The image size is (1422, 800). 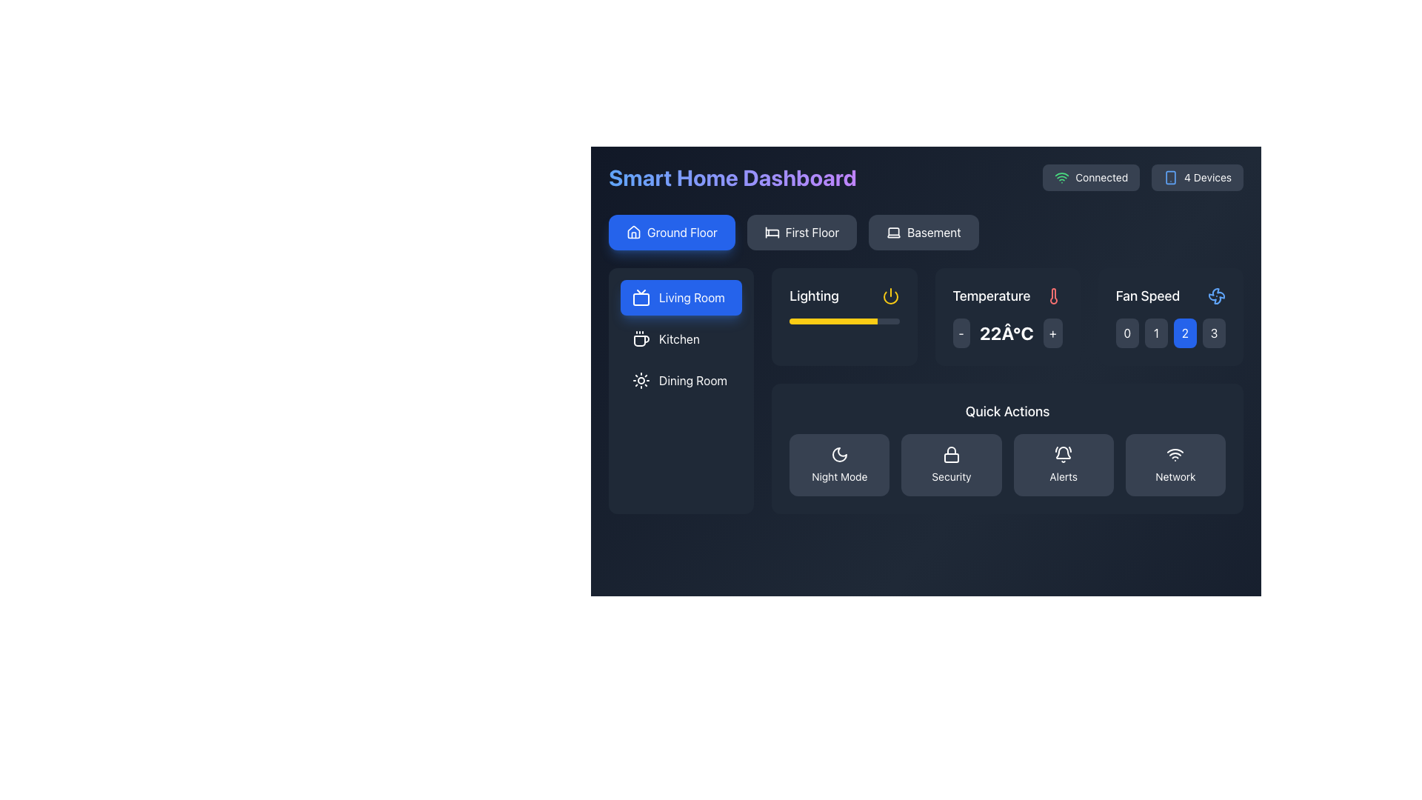 I want to click on the 'Ground Floor' navigation button icon, which serves as a visual identifier for home functions in the dashboard interface, so click(x=633, y=231).